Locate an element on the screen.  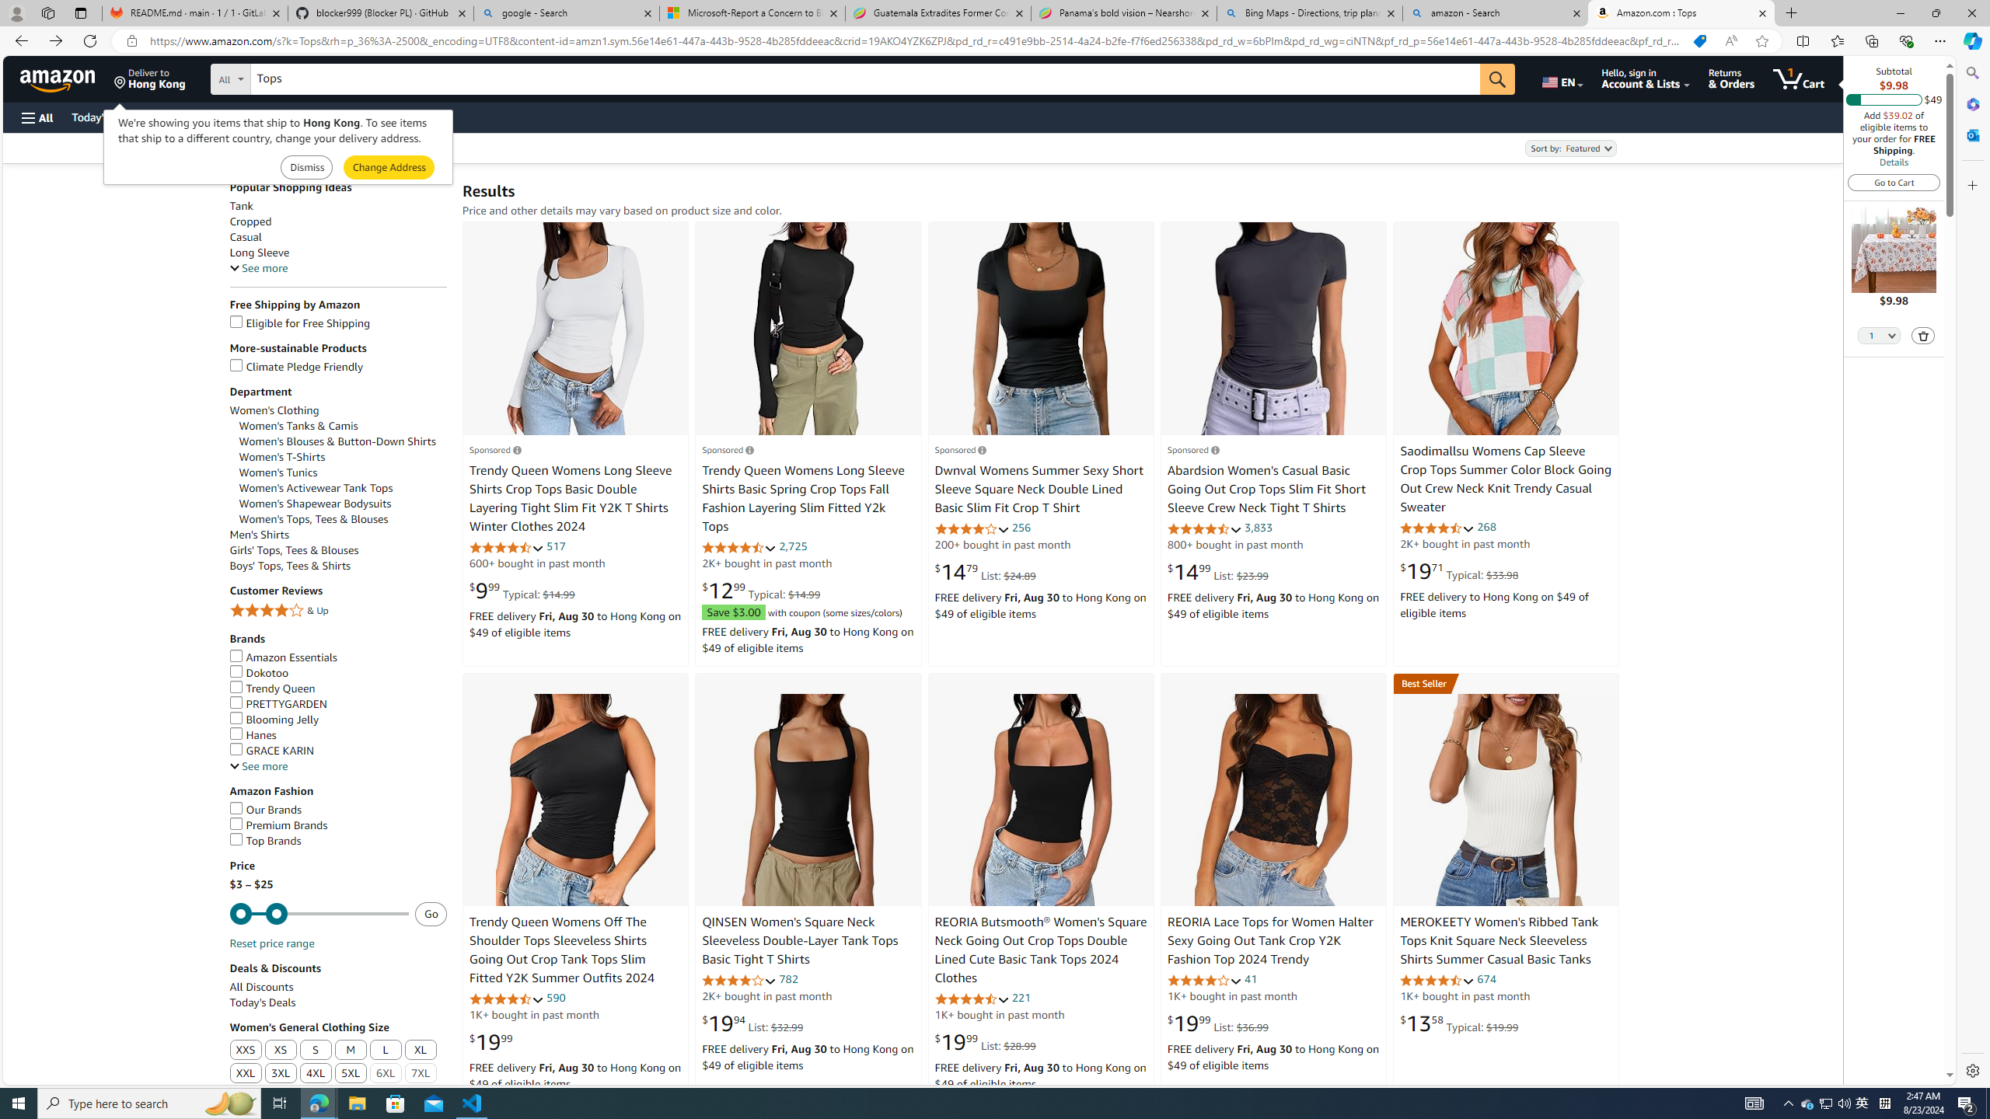
'Women' is located at coordinates (342, 488).